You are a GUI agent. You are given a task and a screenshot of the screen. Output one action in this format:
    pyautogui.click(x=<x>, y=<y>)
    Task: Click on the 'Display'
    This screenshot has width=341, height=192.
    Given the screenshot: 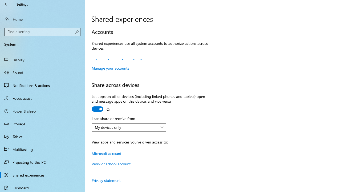 What is the action you would take?
    pyautogui.click(x=43, y=59)
    